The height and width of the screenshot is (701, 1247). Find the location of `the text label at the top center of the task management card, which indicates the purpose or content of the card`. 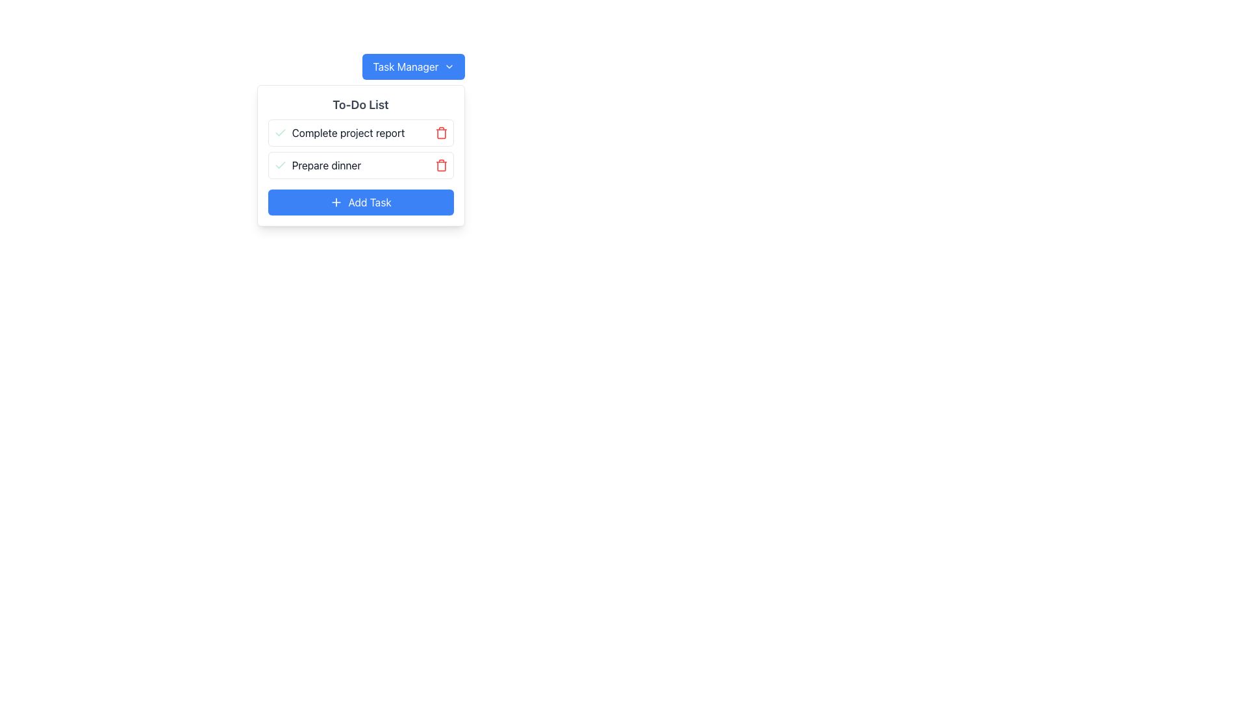

the text label at the top center of the task management card, which indicates the purpose or content of the card is located at coordinates (360, 105).